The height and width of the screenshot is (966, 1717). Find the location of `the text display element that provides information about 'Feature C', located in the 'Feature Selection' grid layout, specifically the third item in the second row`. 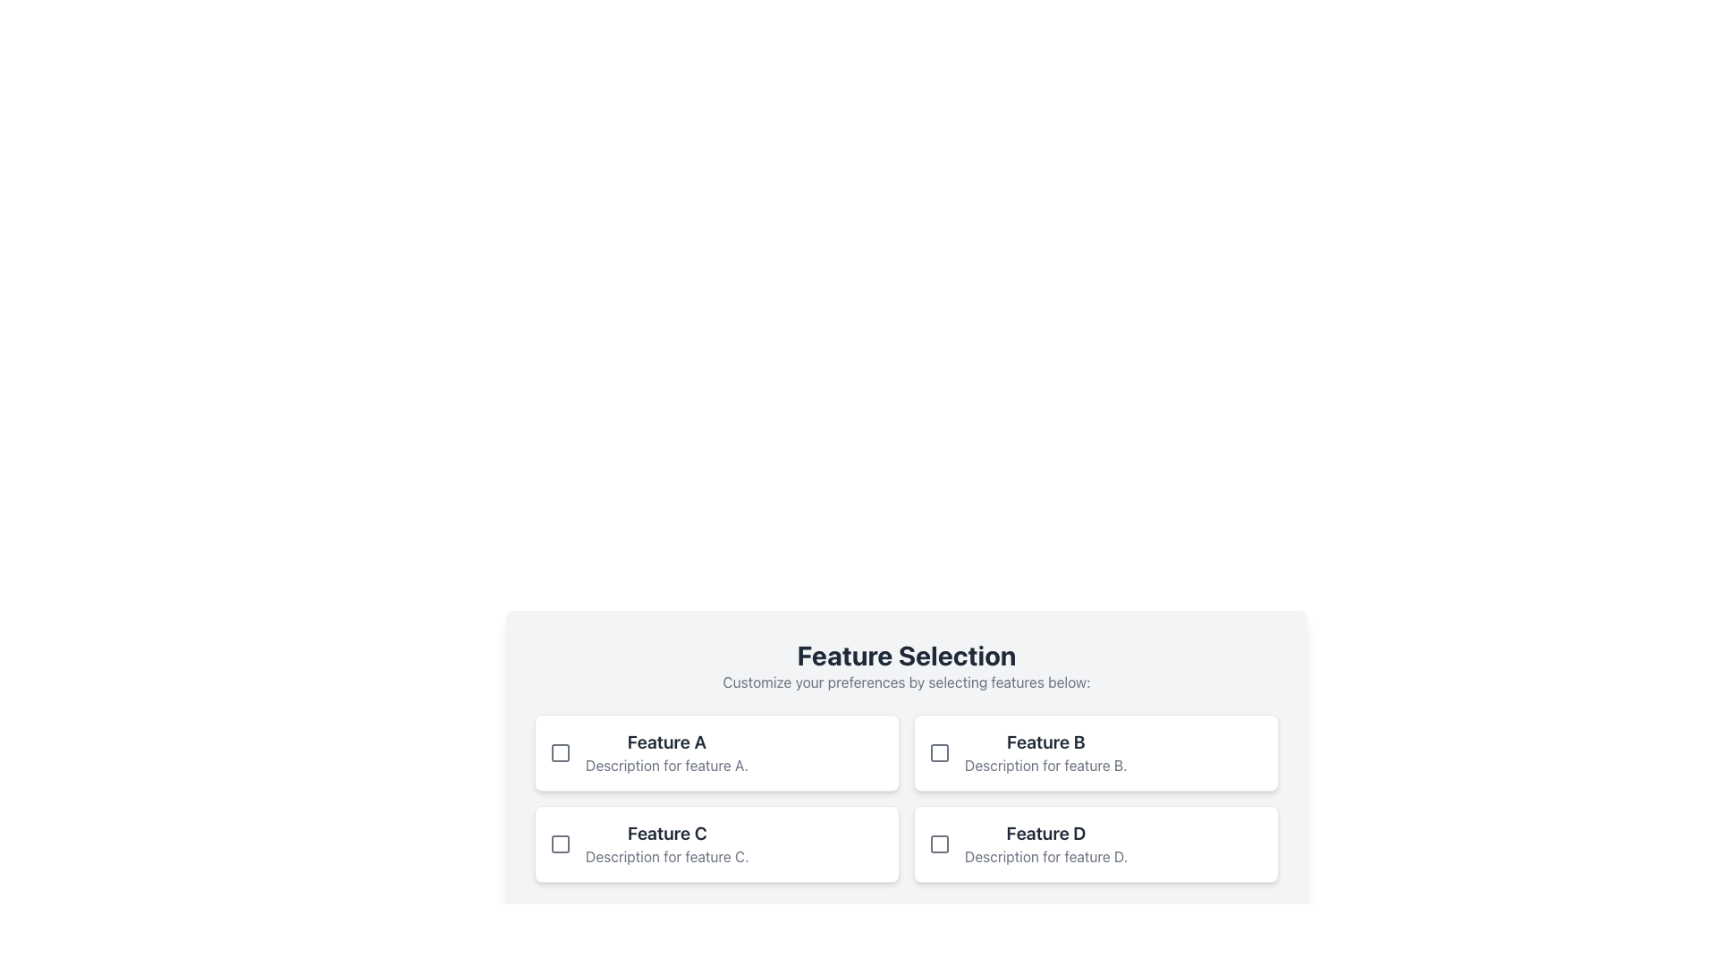

the text display element that provides information about 'Feature C', located in the 'Feature Selection' grid layout, specifically the third item in the second row is located at coordinates (666, 844).